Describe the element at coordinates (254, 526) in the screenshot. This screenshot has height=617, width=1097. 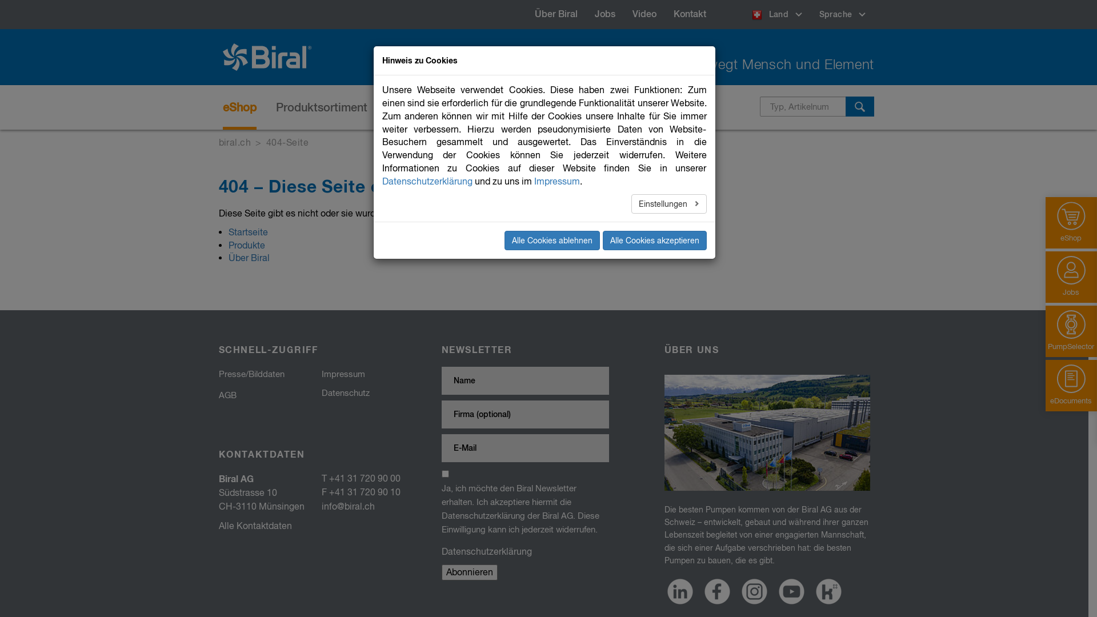
I see `'Alle Kontaktdaten'` at that location.